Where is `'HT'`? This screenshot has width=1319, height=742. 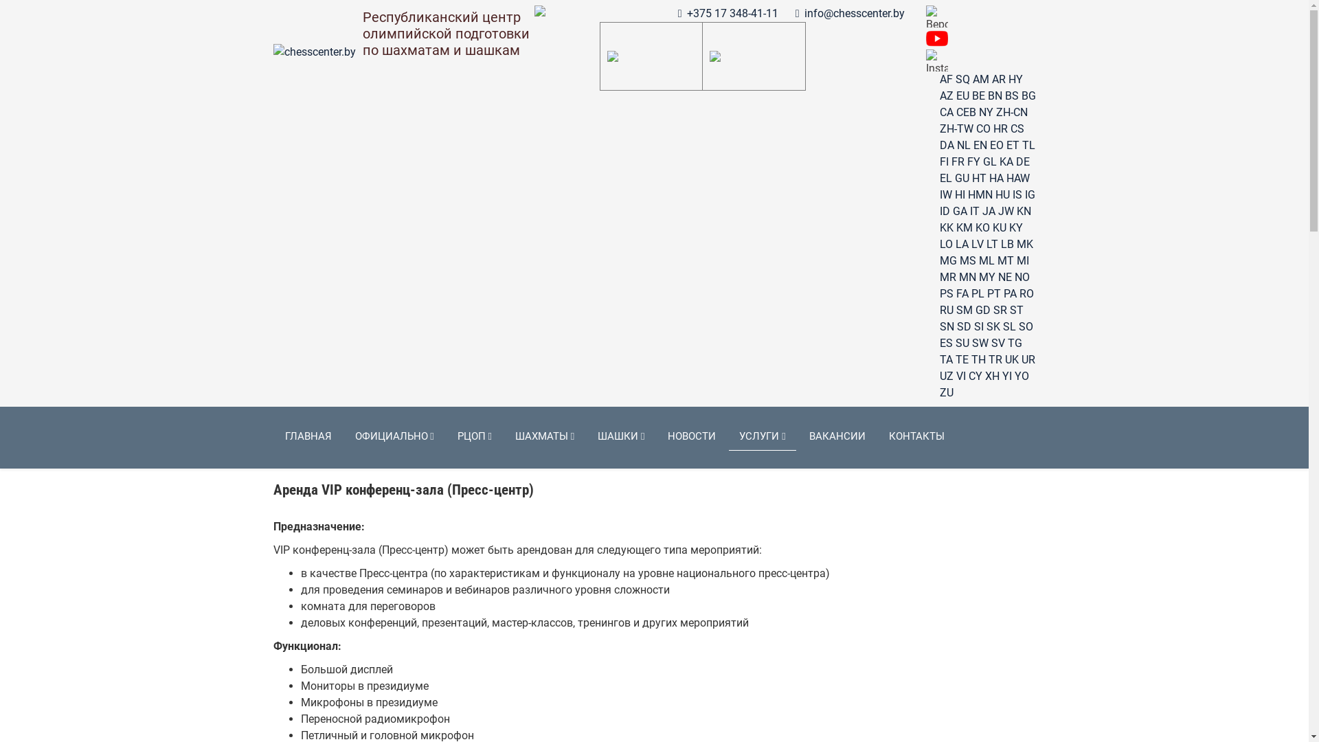
'HT' is located at coordinates (978, 177).